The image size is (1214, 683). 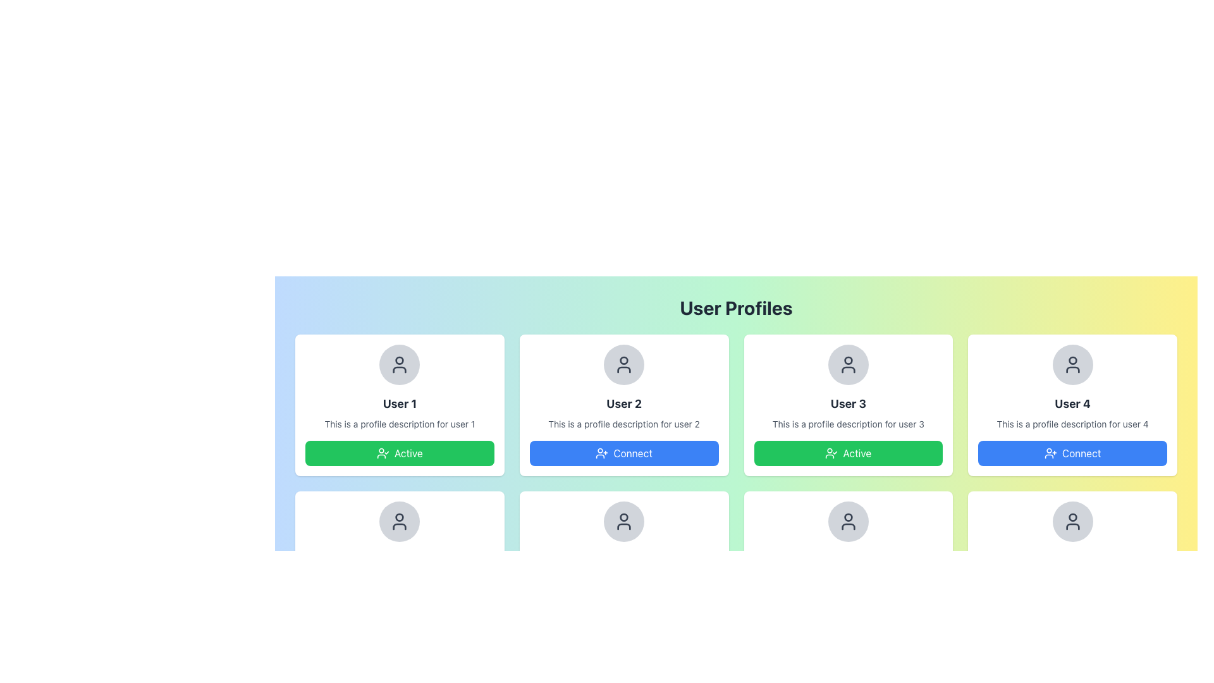 I want to click on the static text element located in the third card of user profiles, positioned below 'User 3' and above the 'Active' button, so click(x=848, y=424).